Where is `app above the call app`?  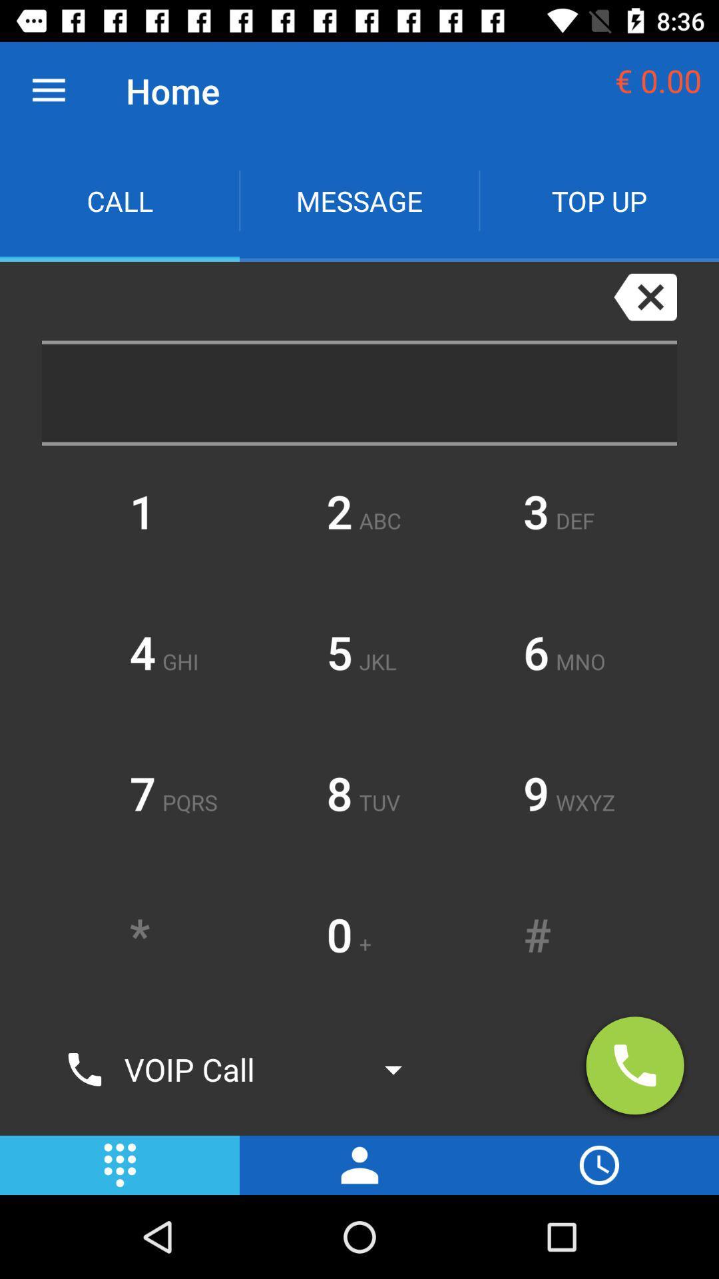 app above the call app is located at coordinates (48, 90).